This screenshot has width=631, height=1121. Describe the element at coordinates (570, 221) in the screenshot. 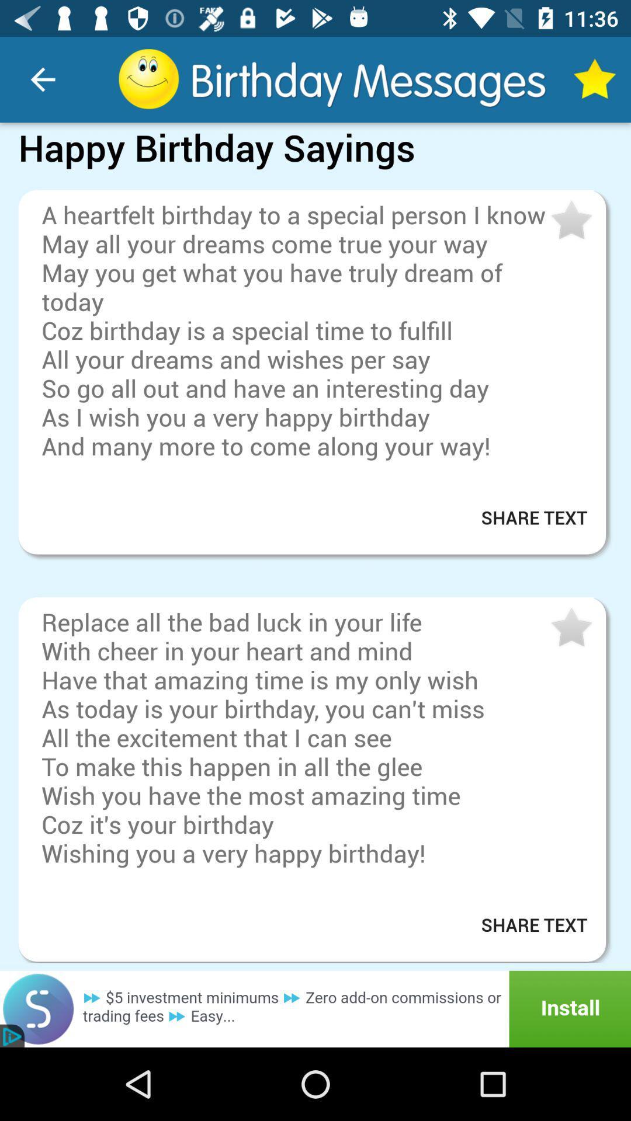

I see `place the quote as your favorite` at that location.